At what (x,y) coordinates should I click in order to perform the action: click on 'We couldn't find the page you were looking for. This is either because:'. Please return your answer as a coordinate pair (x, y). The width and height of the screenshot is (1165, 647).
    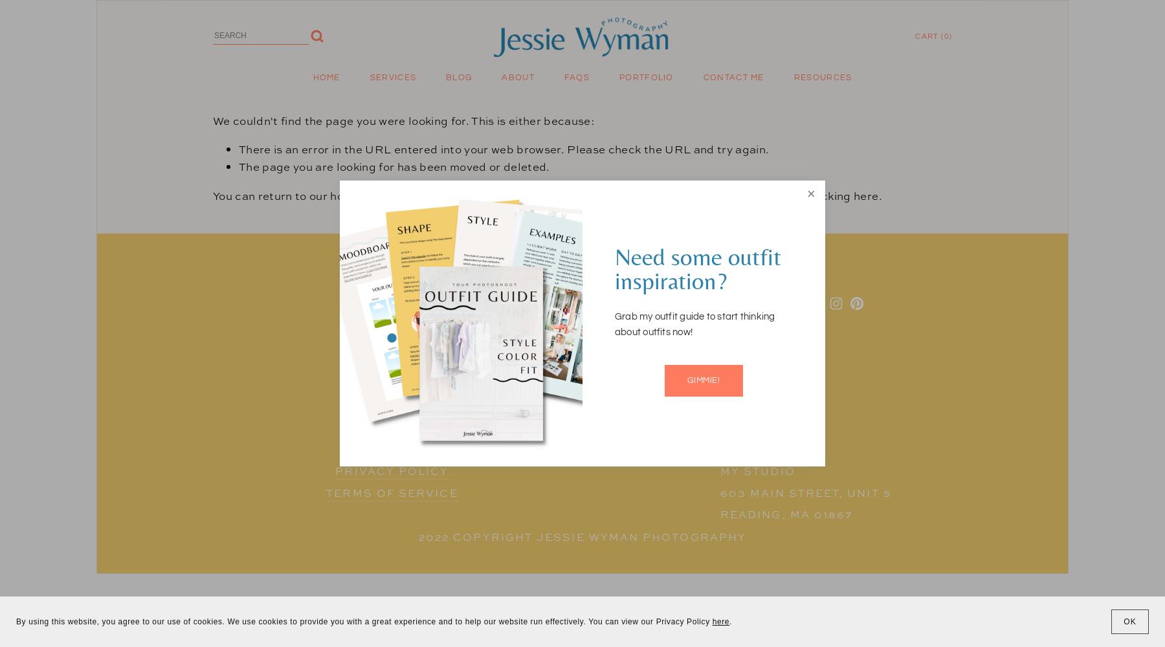
    Looking at the image, I should click on (404, 120).